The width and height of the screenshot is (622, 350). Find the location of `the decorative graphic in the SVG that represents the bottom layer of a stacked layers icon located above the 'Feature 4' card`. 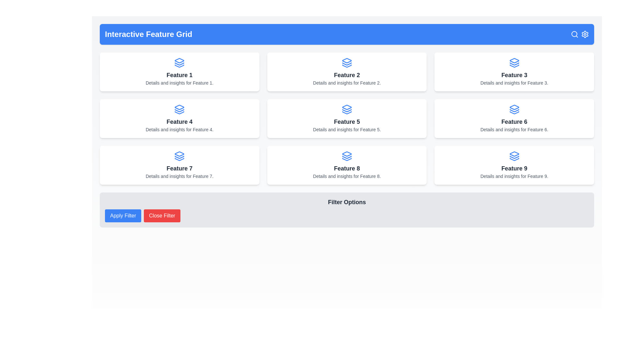

the decorative graphic in the SVG that represents the bottom layer of a stacked layers icon located above the 'Feature 4' card is located at coordinates (179, 112).